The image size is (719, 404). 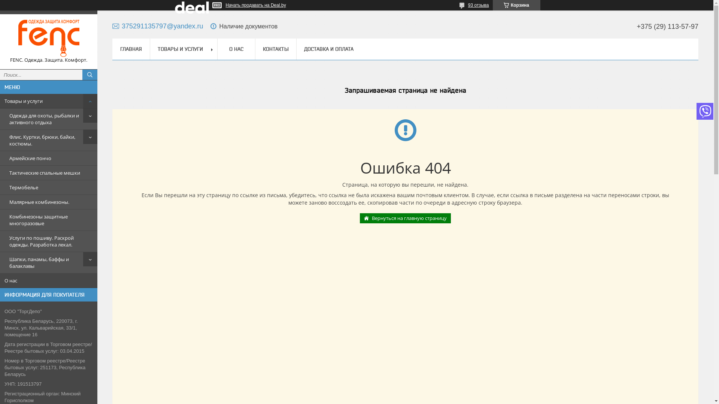 What do you see at coordinates (112, 25) in the screenshot?
I see `'375291135797@yandex.ru'` at bounding box center [112, 25].